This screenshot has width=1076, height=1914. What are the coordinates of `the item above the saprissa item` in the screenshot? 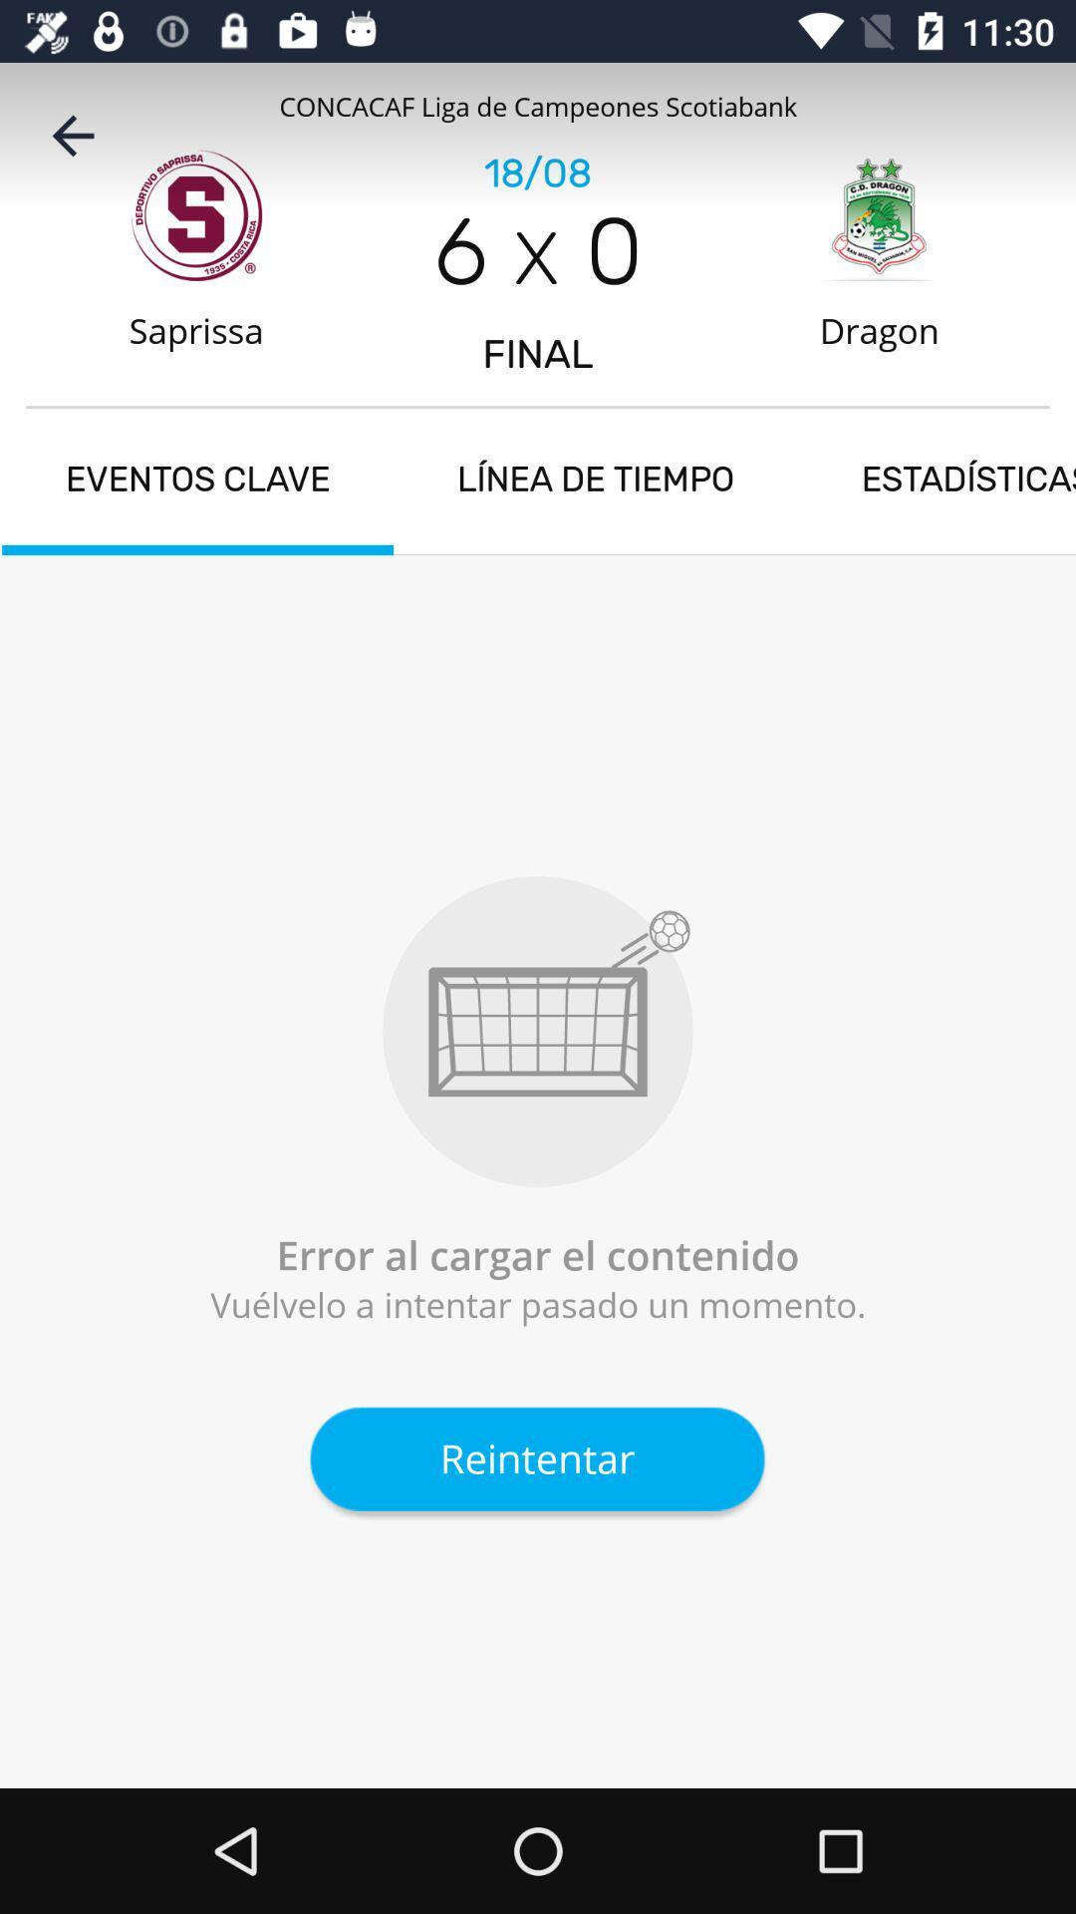 It's located at (72, 135).